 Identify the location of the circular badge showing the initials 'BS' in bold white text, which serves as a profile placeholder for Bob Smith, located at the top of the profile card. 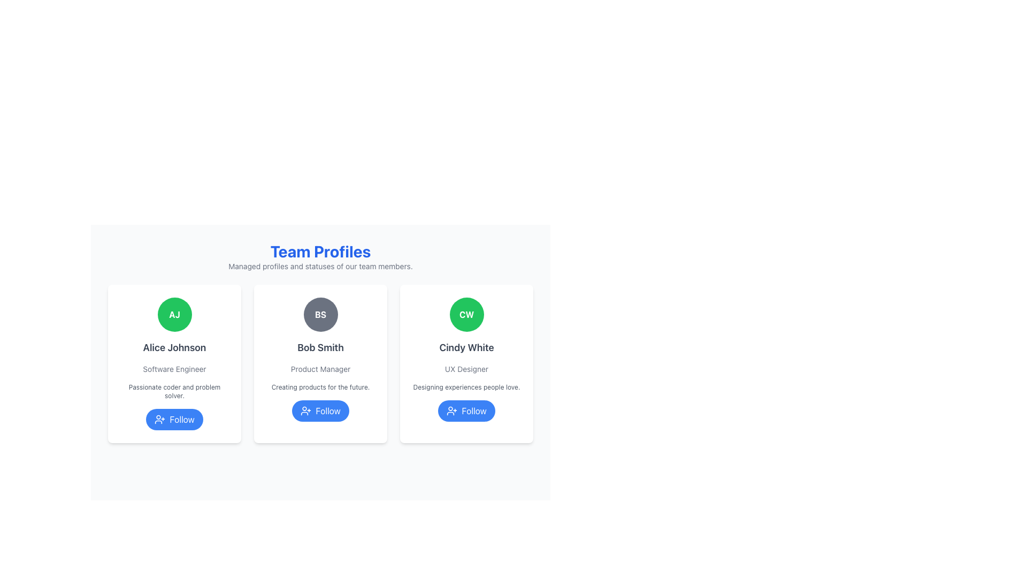
(320, 314).